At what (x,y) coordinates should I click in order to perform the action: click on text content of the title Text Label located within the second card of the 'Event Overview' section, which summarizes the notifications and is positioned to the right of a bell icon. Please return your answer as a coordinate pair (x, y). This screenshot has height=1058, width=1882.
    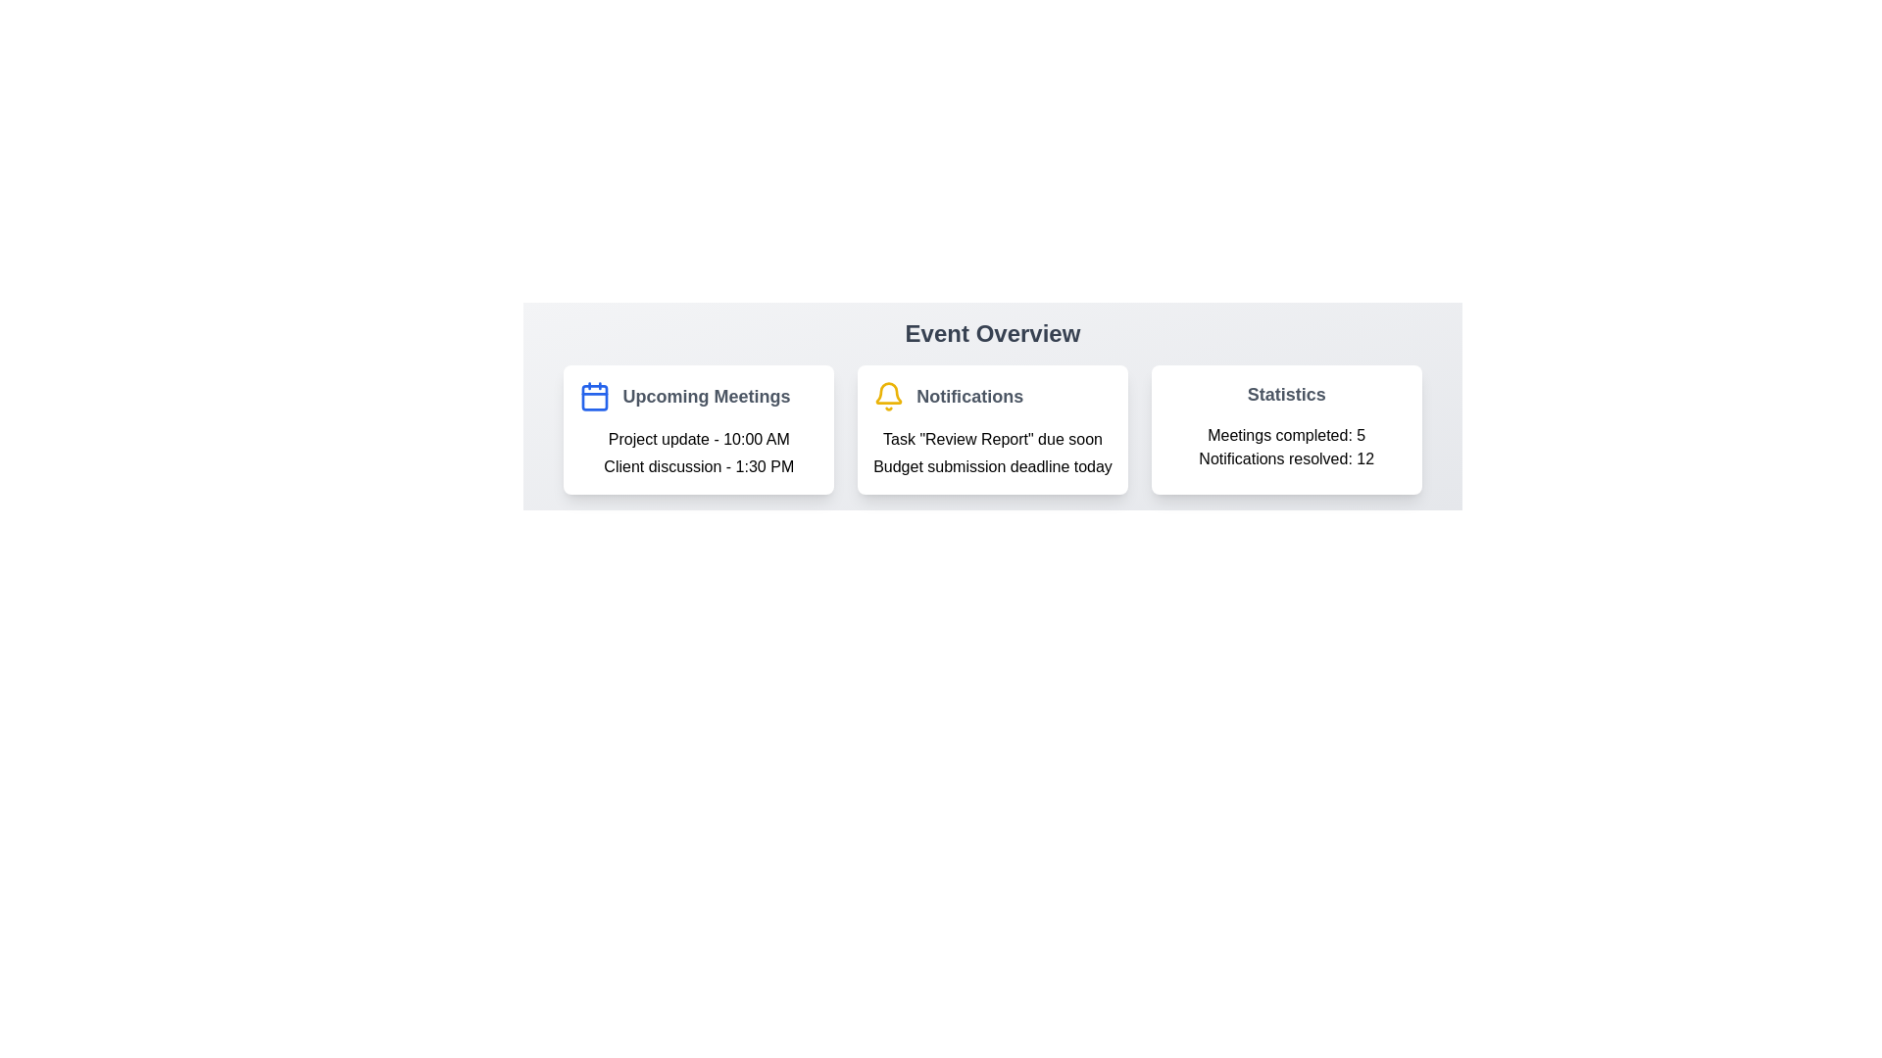
    Looking at the image, I should click on (969, 397).